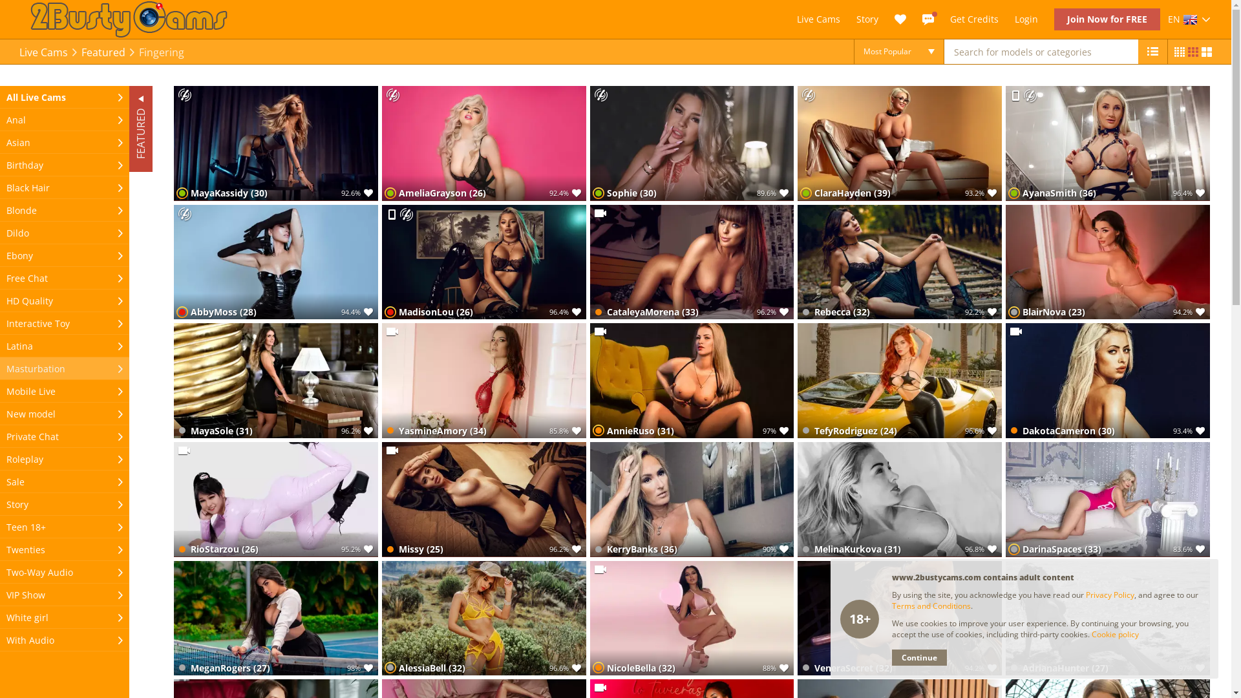 The height and width of the screenshot is (698, 1241). I want to click on 'Sophie (30), so click(691, 143).